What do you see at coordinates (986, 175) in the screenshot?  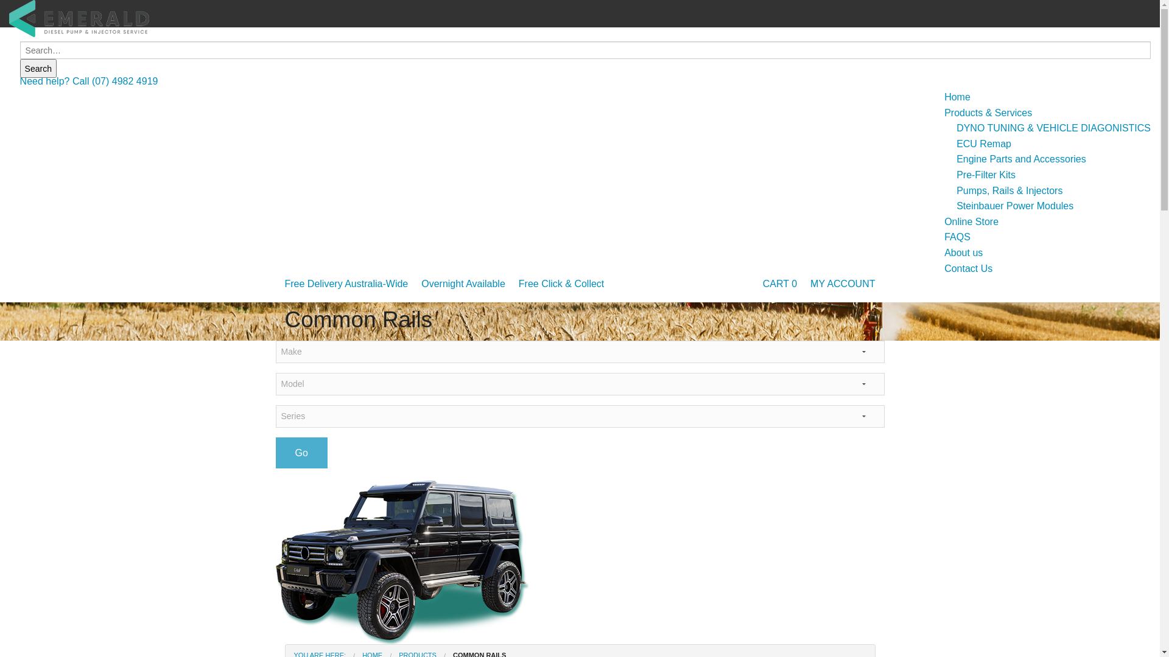 I see `'Pre-Filter Kits'` at bounding box center [986, 175].